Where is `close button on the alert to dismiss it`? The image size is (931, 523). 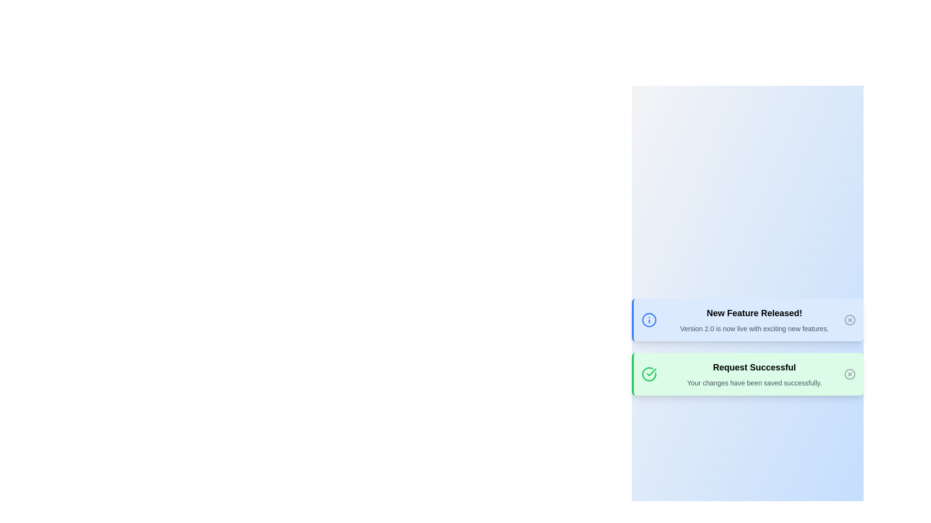 close button on the alert to dismiss it is located at coordinates (849, 320).